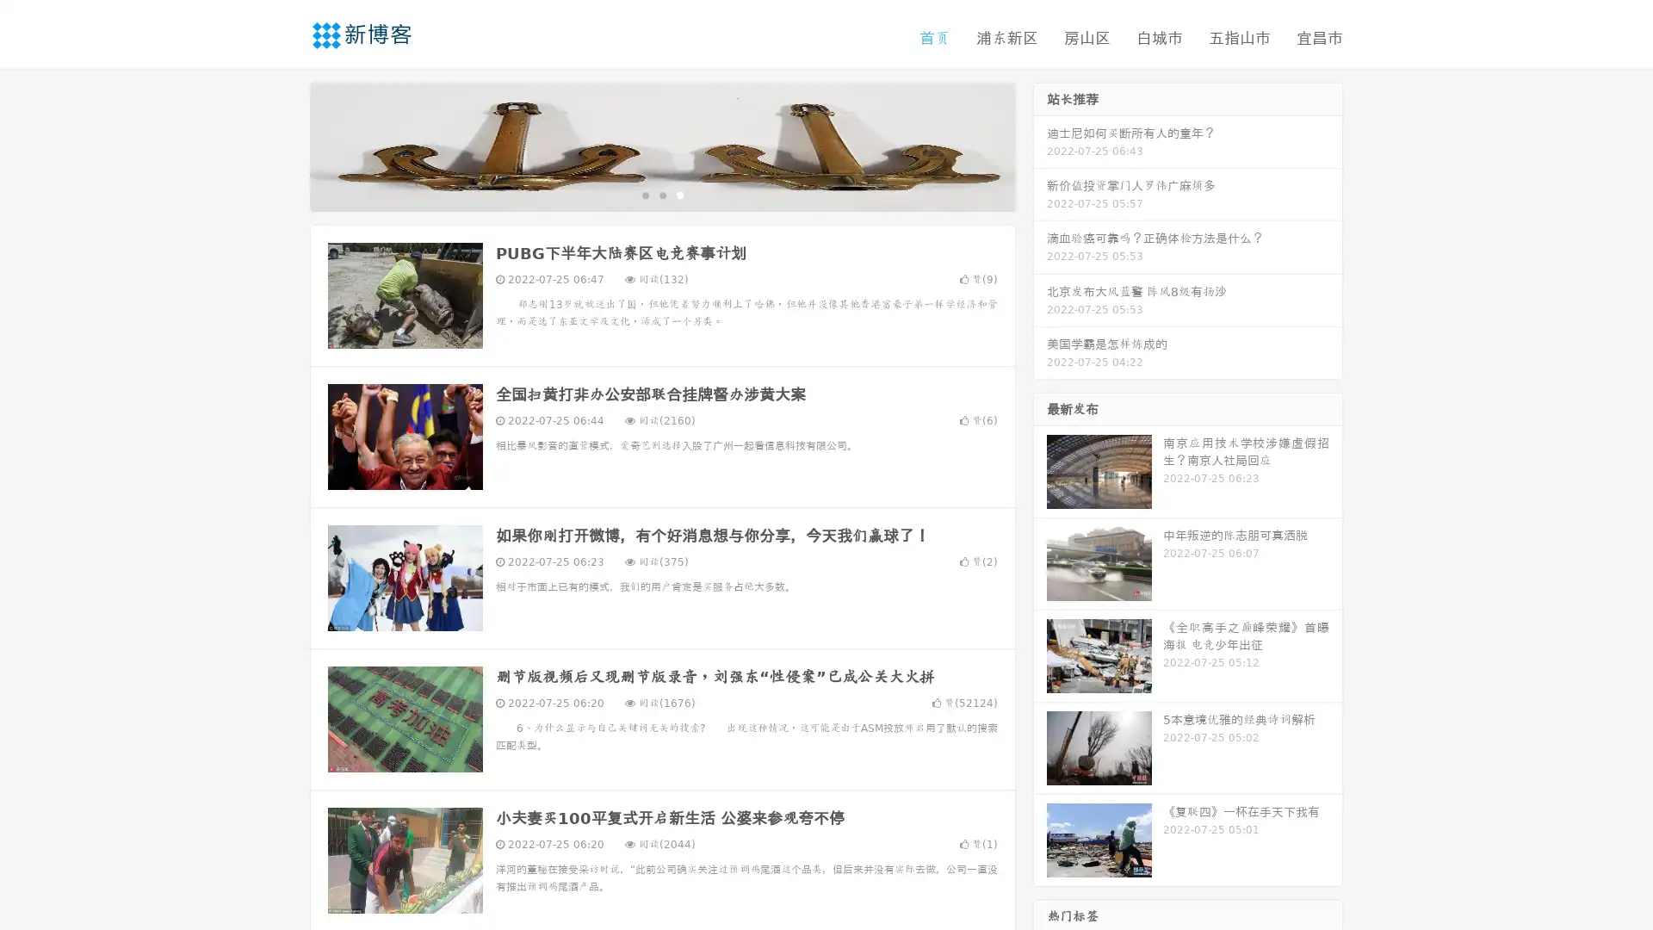 The image size is (1653, 930). Describe the element at coordinates (284, 145) in the screenshot. I see `Previous slide` at that location.